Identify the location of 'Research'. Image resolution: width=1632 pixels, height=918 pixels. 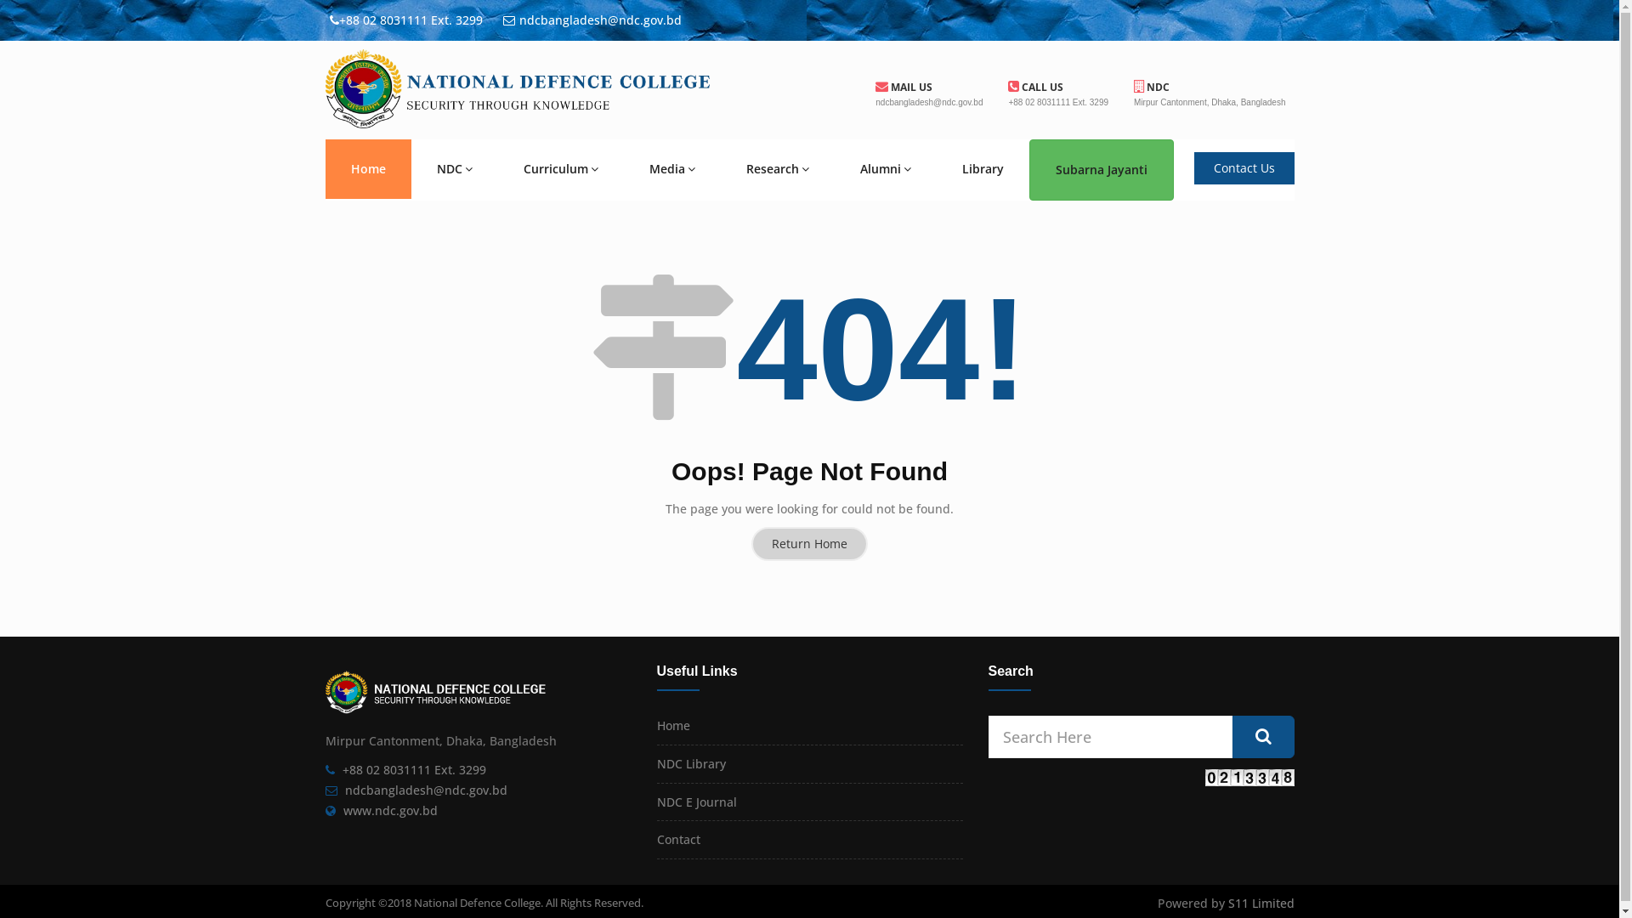
(777, 169).